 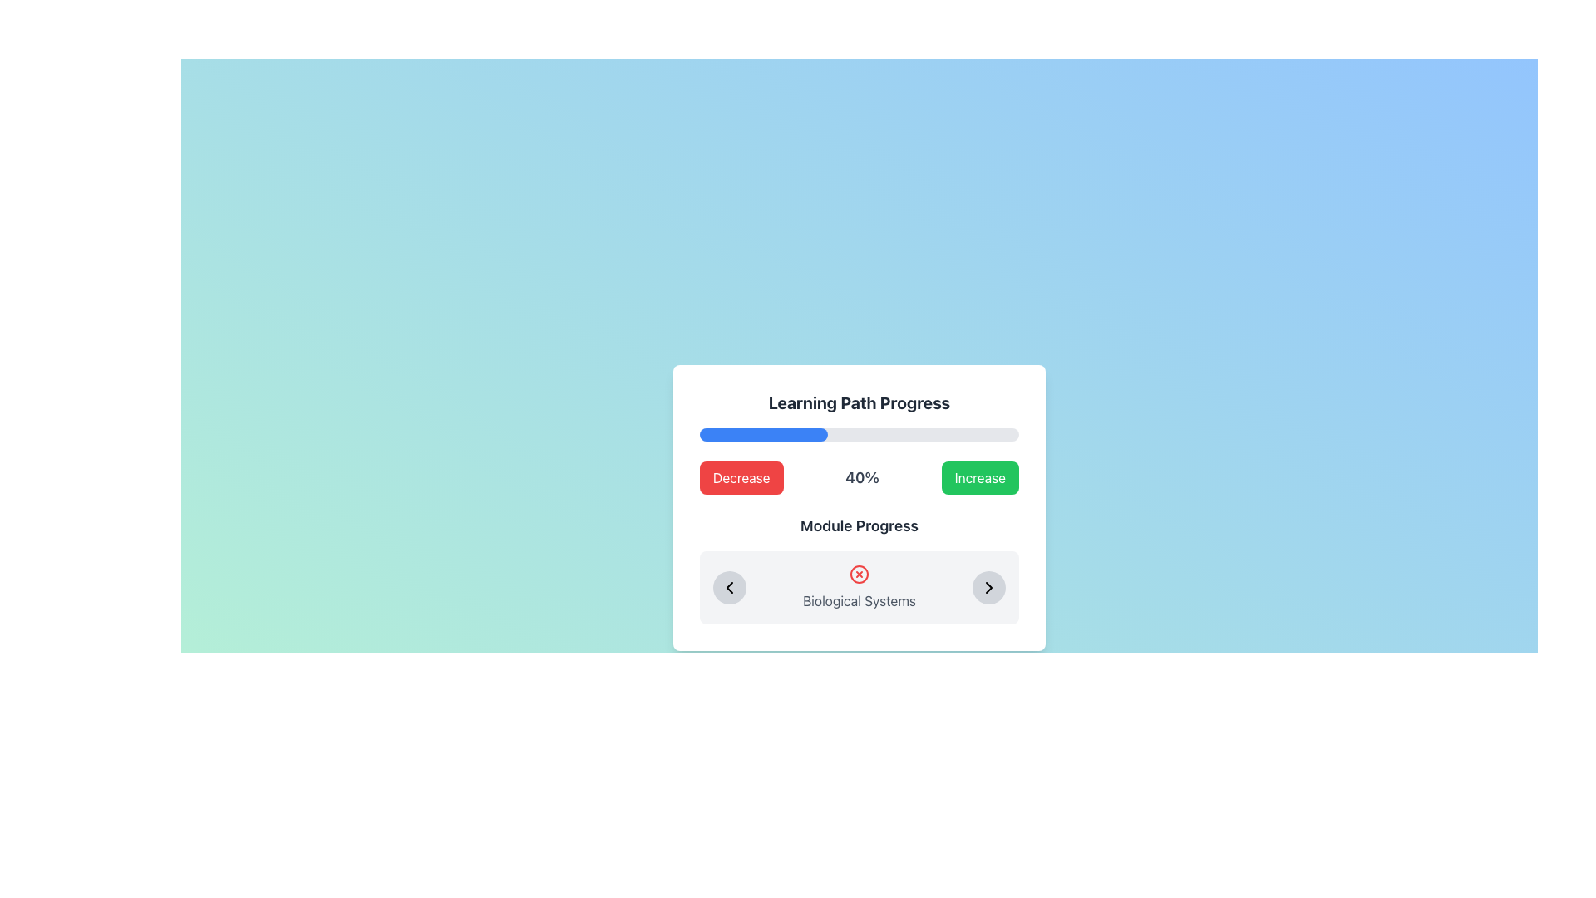 What do you see at coordinates (989, 586) in the screenshot?
I see `the rightward-pointing chevron icon in the Module Progress section, located at the bottom of the card` at bounding box center [989, 586].